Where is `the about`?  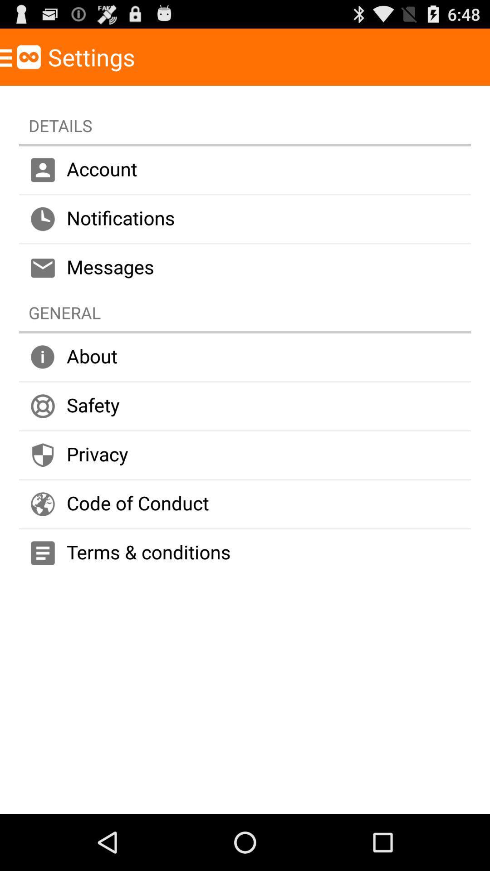 the about is located at coordinates (245, 357).